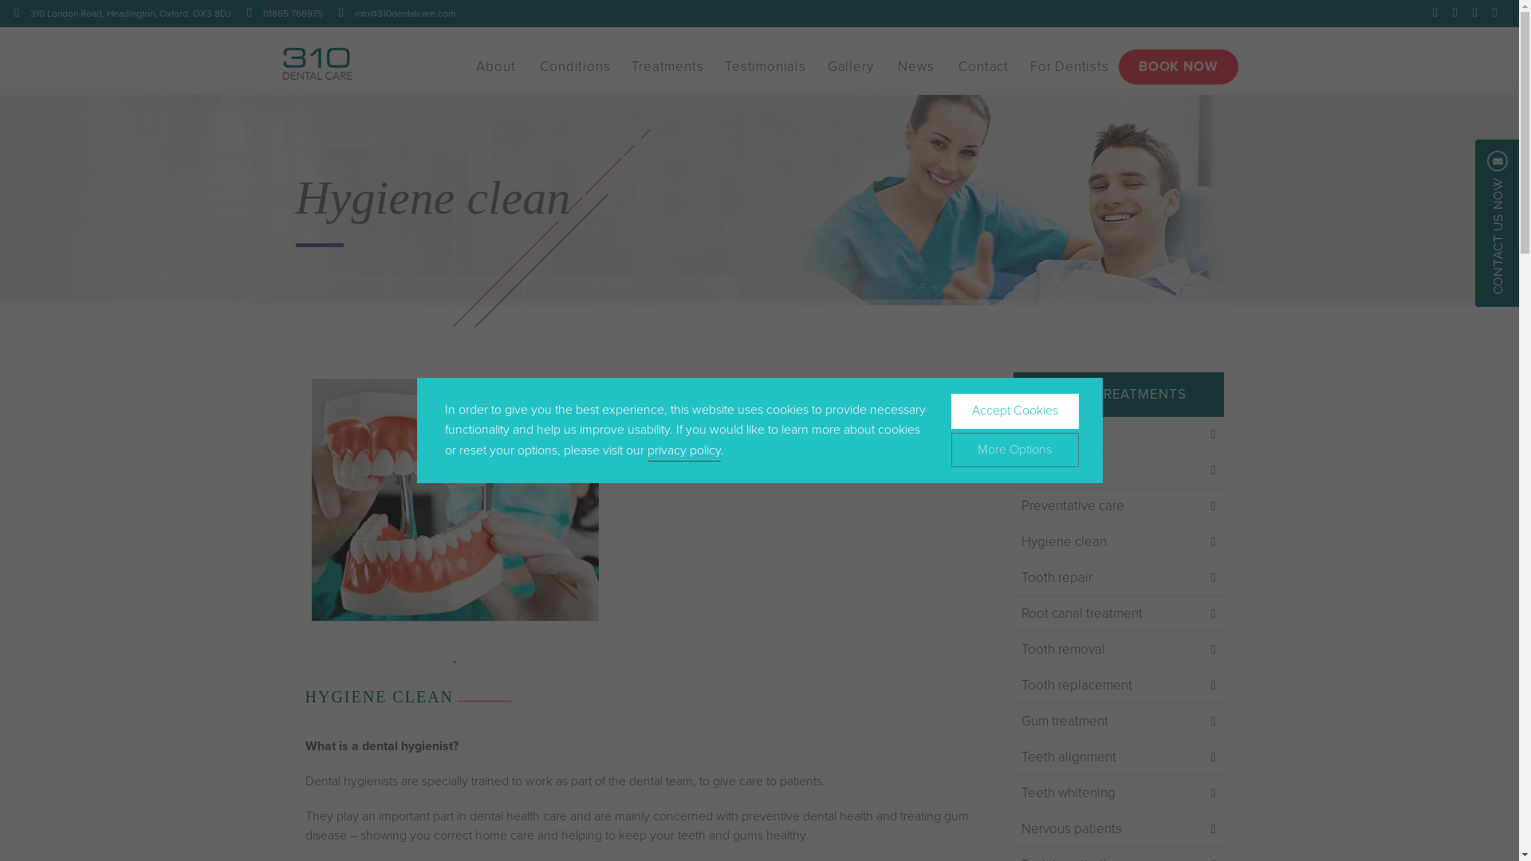 The width and height of the screenshot is (1531, 861). I want to click on 'Gallery', so click(849, 70).